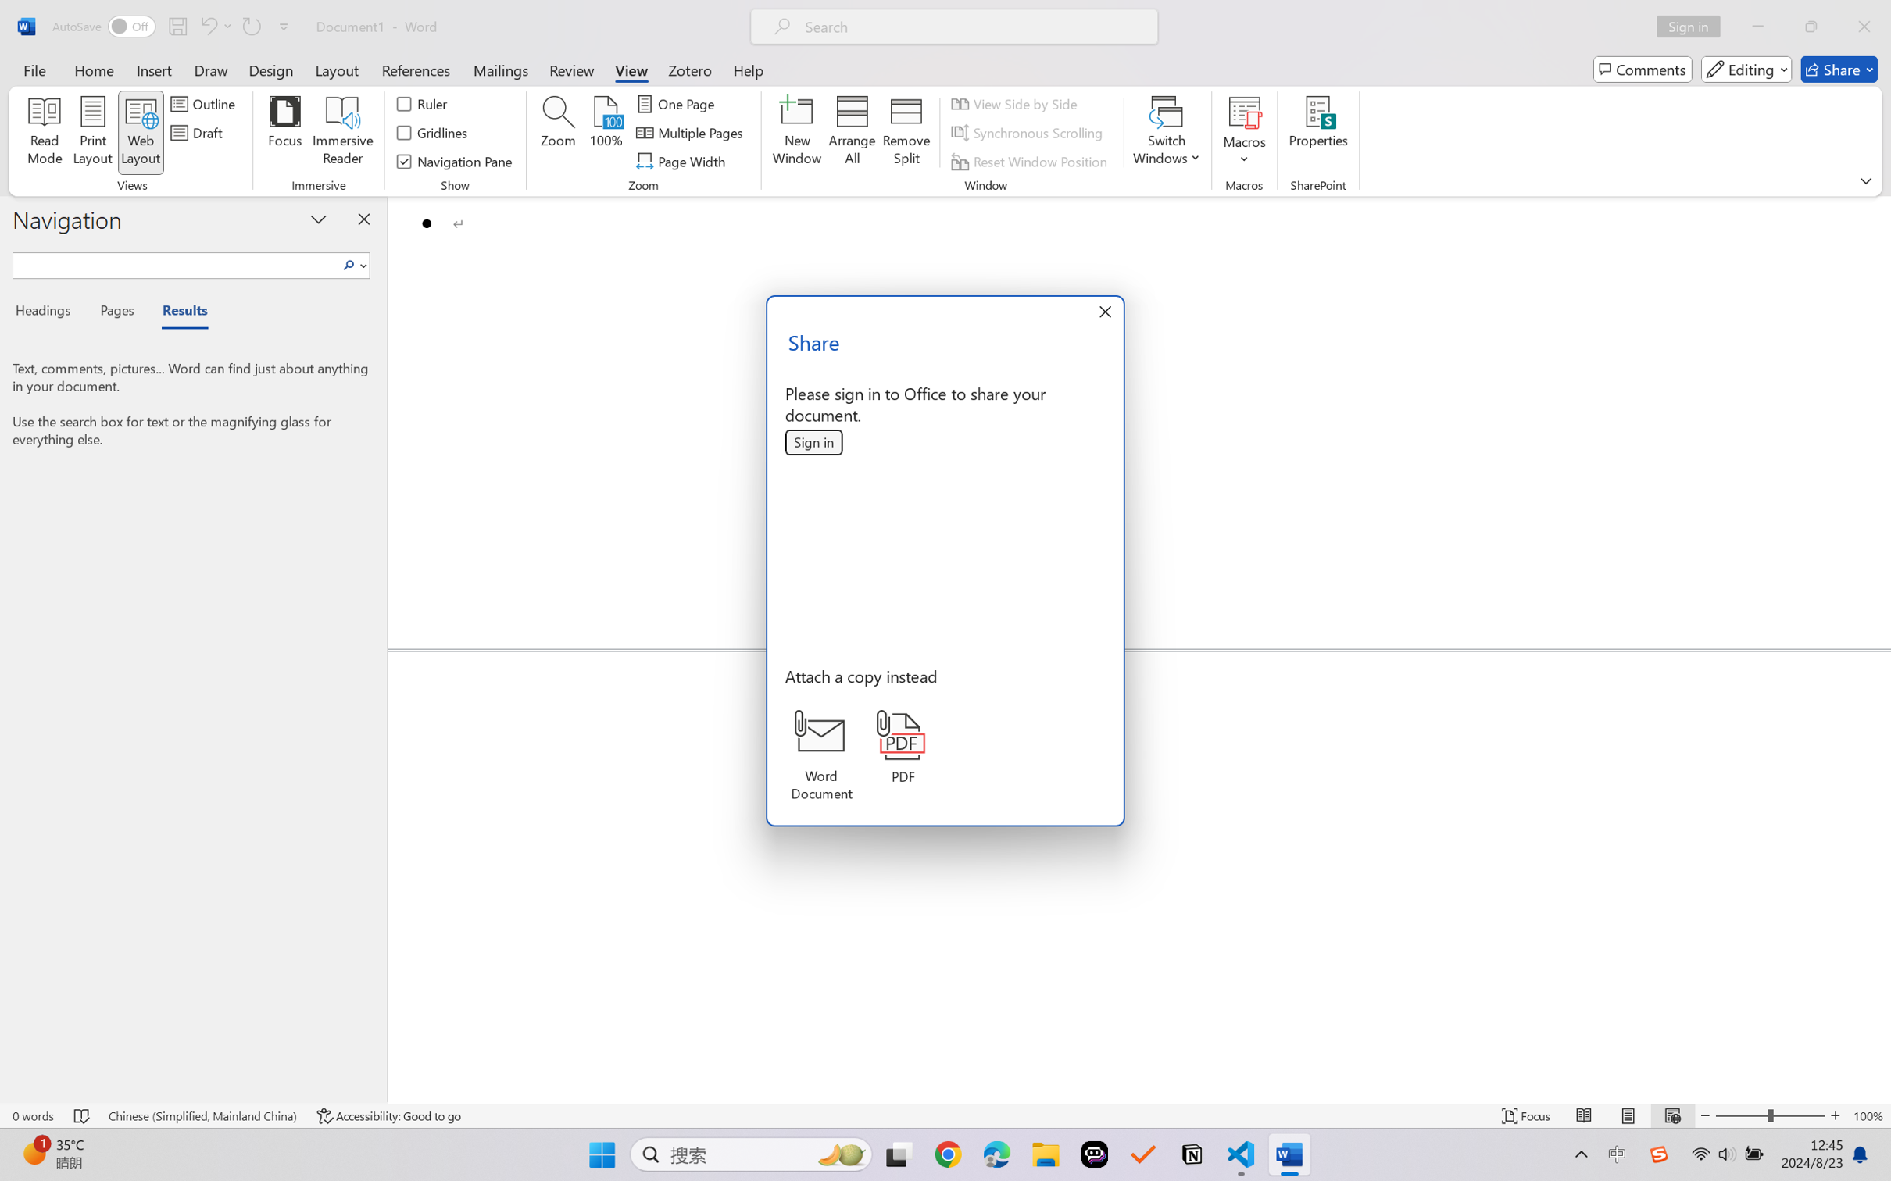  What do you see at coordinates (557, 133) in the screenshot?
I see `'Zoom...'` at bounding box center [557, 133].